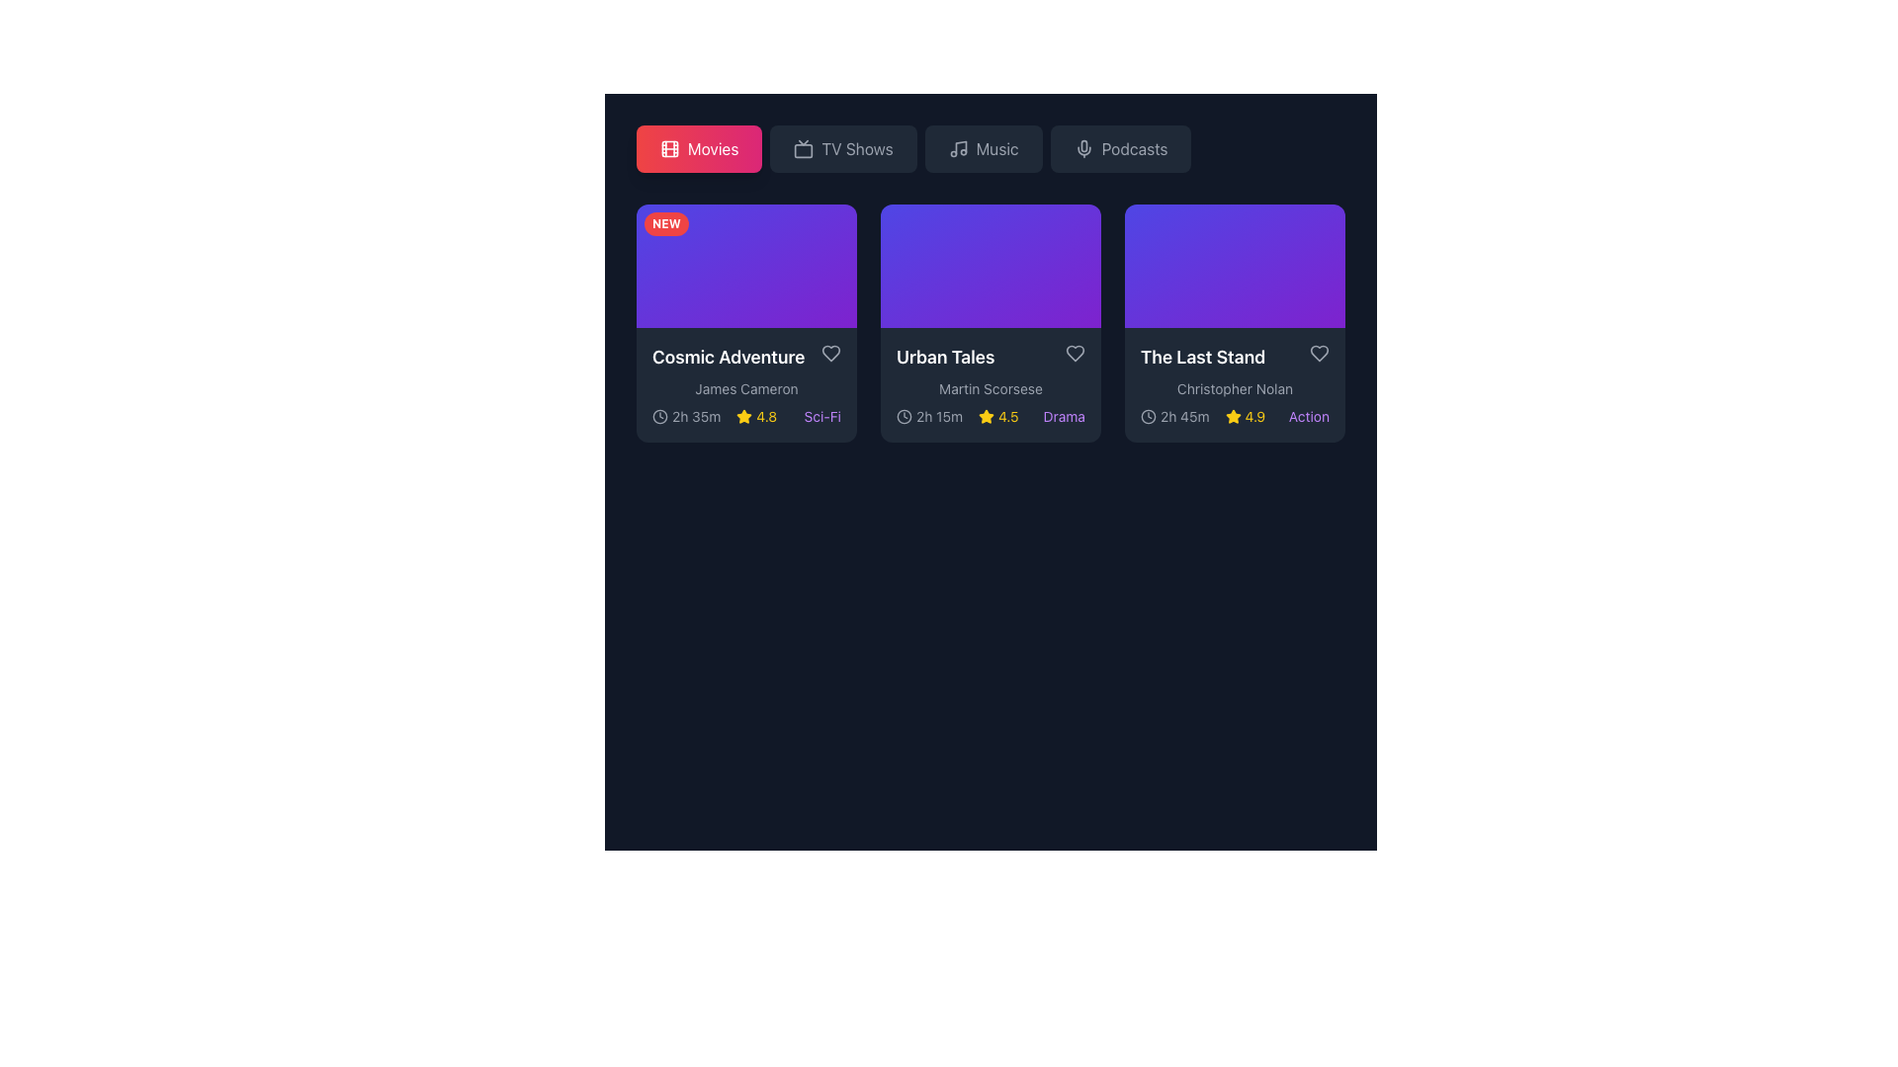 Image resolution: width=1898 pixels, height=1067 pixels. Describe the element at coordinates (1202, 358) in the screenshot. I see `the text label that says 'The Last Stand', which is styled in bold white font and located in the third card of a grid layout` at that location.